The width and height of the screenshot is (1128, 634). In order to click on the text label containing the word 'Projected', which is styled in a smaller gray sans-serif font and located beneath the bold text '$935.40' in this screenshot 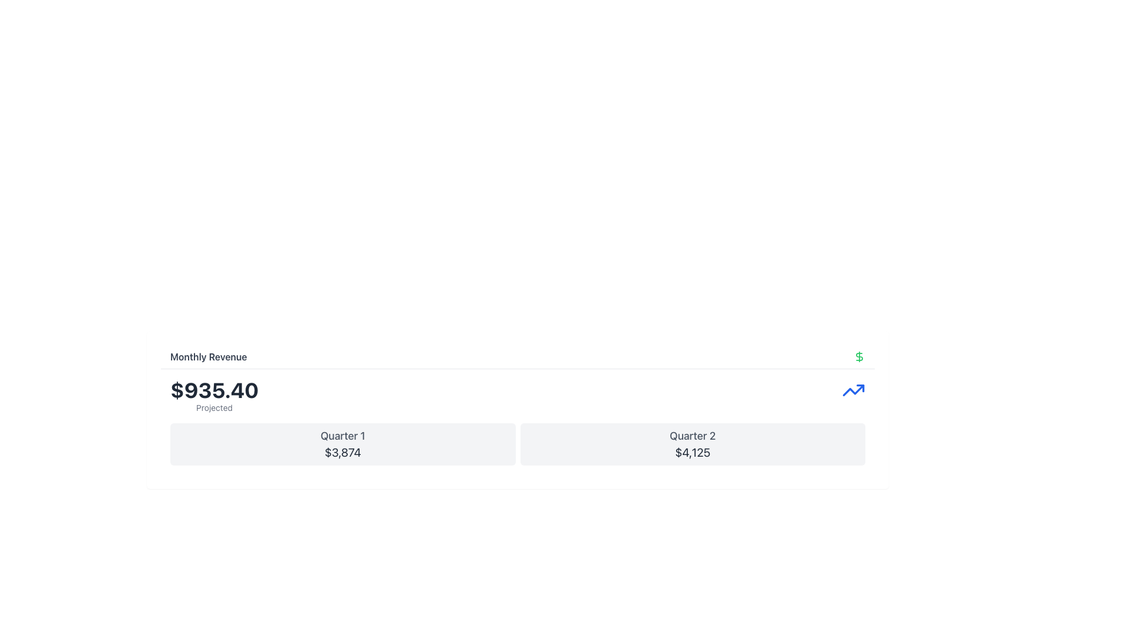, I will do `click(214, 407)`.